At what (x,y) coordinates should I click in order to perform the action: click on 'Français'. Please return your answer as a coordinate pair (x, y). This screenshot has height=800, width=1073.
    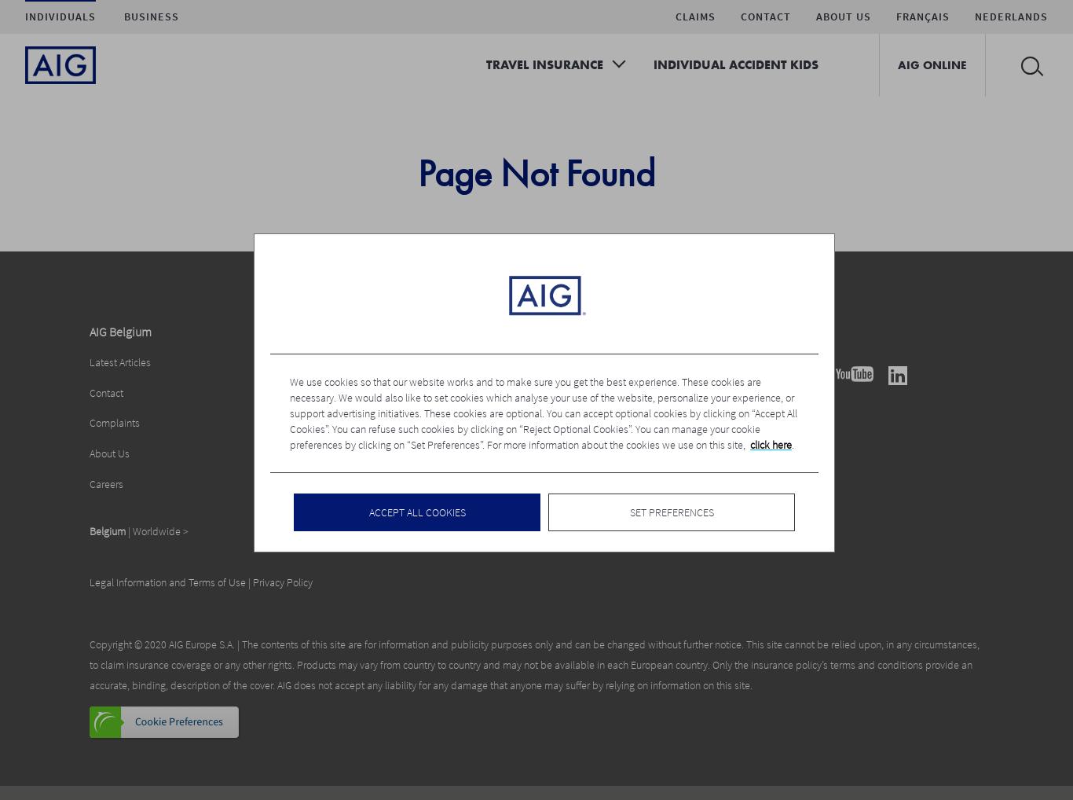
    Looking at the image, I should click on (923, 15).